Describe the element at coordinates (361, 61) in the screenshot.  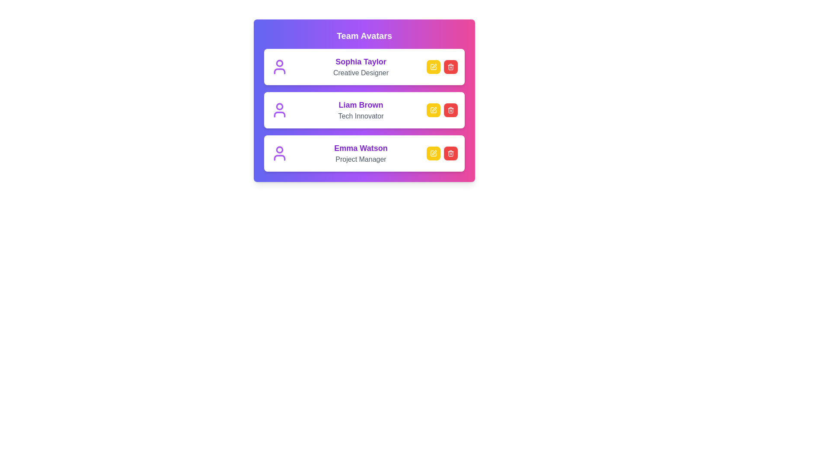
I see `text element that serves as the name label for the profile card, located in the first section of a vertical list` at that location.